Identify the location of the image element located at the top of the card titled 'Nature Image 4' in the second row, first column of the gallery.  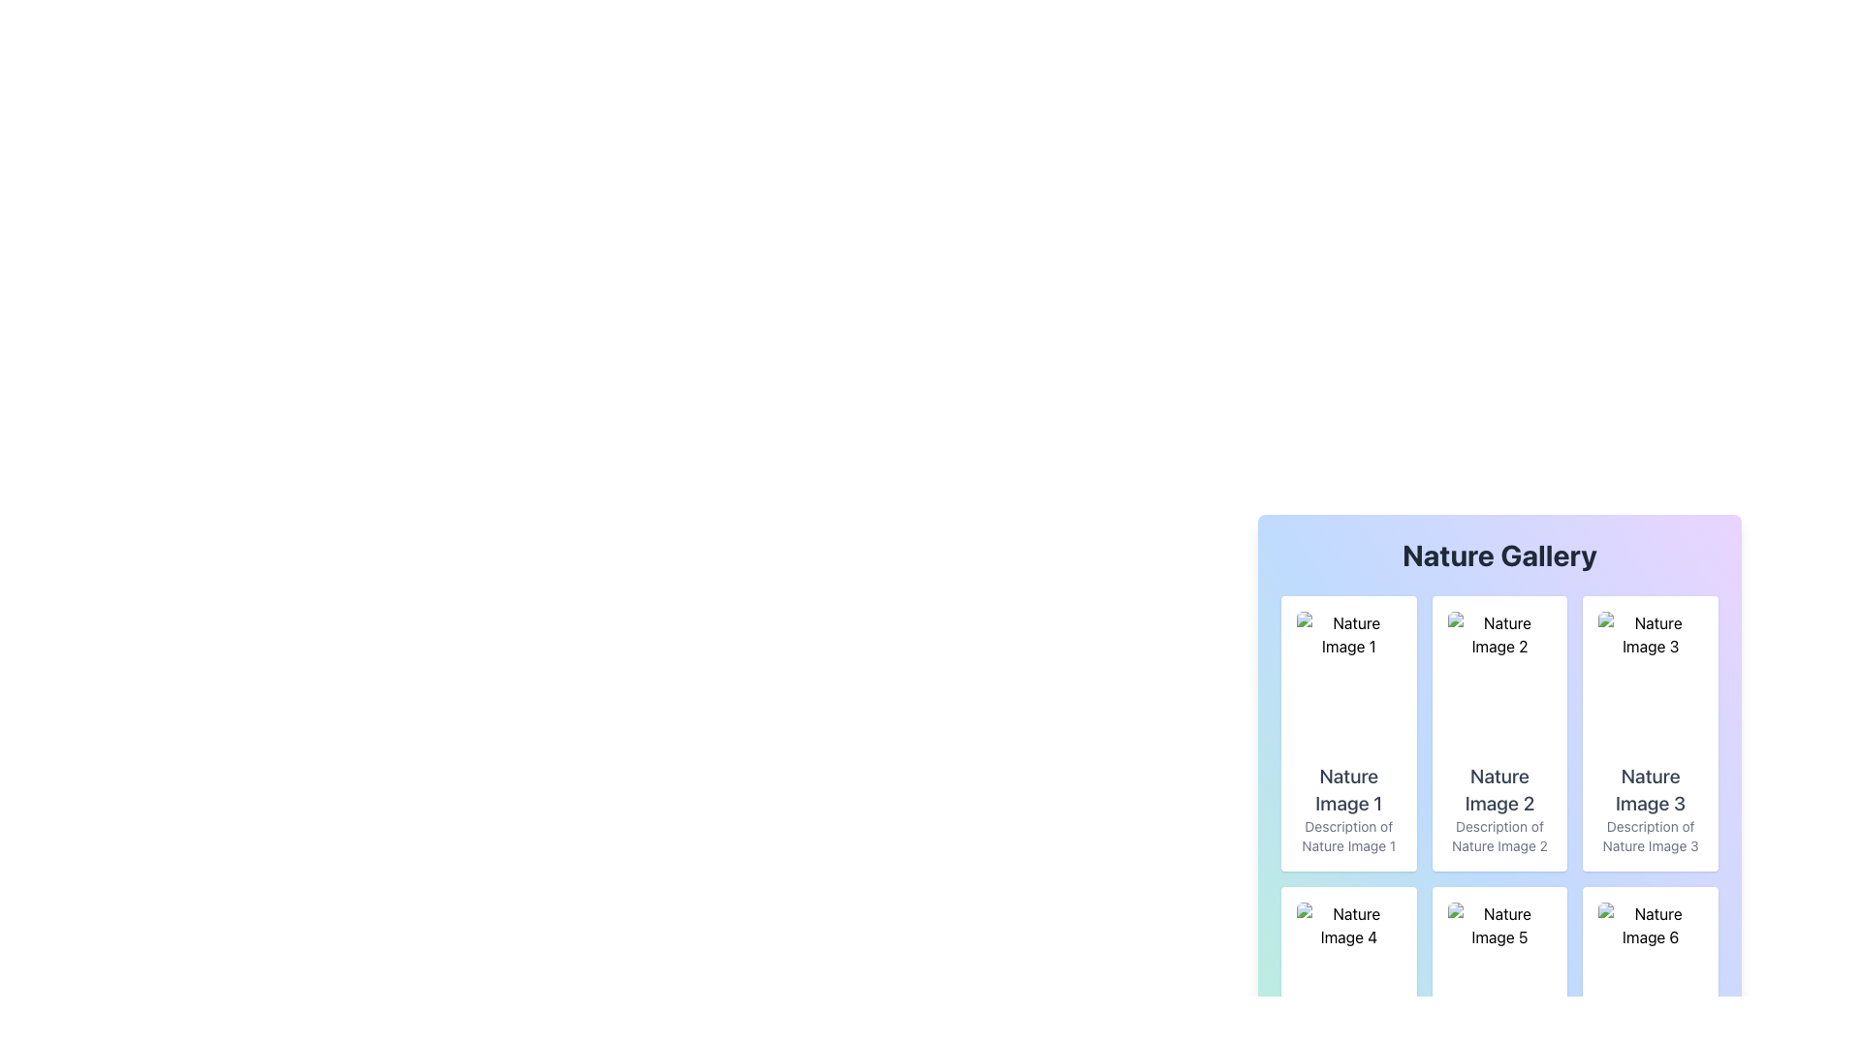
(1347, 971).